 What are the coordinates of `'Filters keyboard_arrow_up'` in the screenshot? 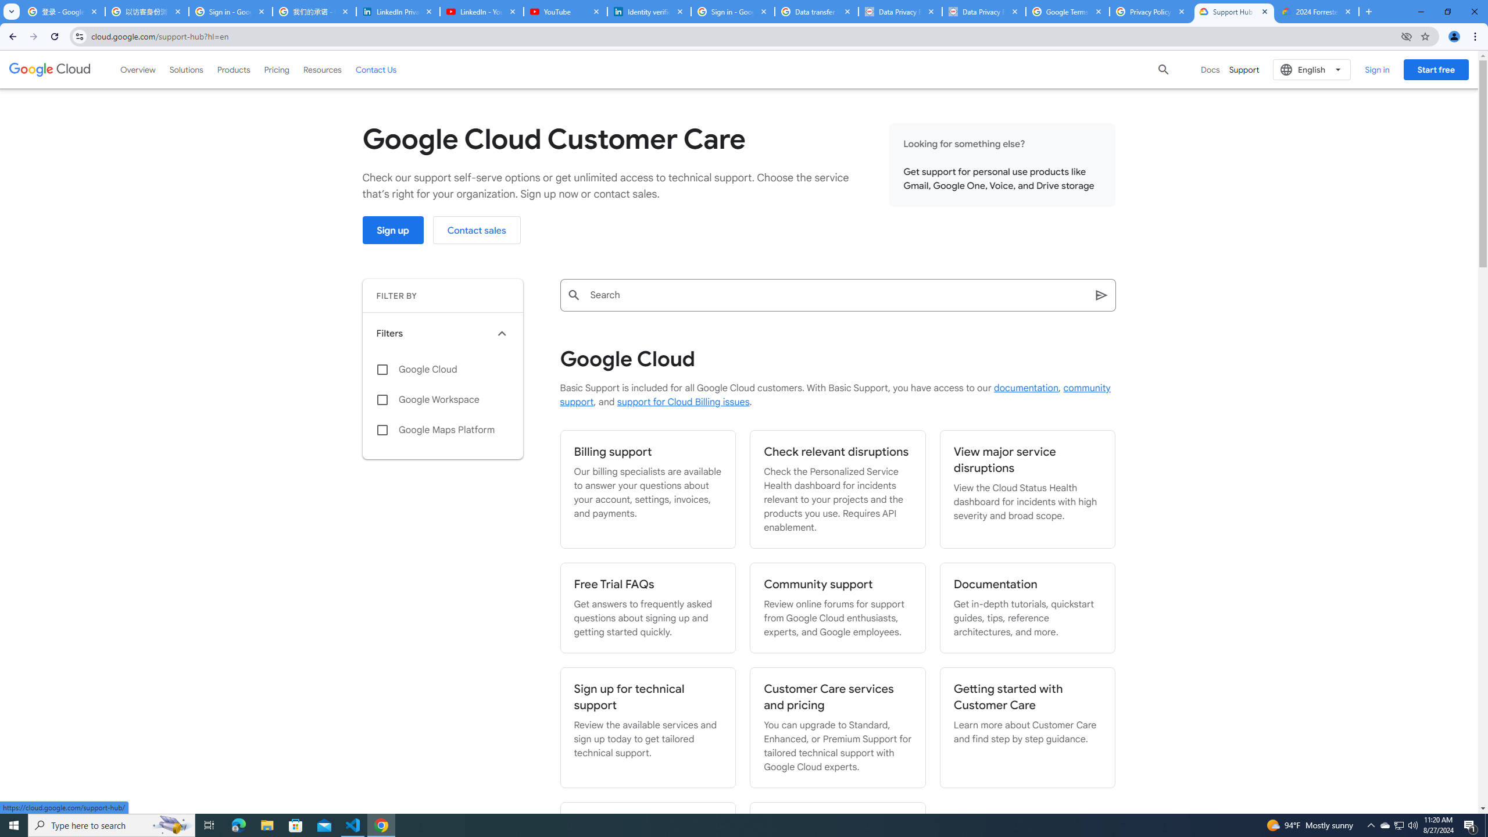 It's located at (442, 334).